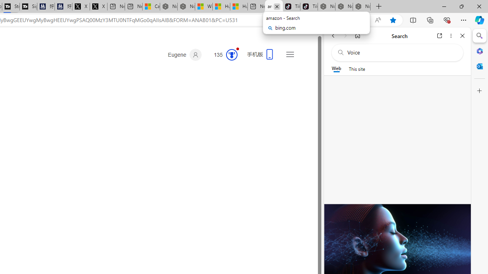 The height and width of the screenshot is (274, 488). What do you see at coordinates (336, 68) in the screenshot?
I see `'Web scope'` at bounding box center [336, 68].